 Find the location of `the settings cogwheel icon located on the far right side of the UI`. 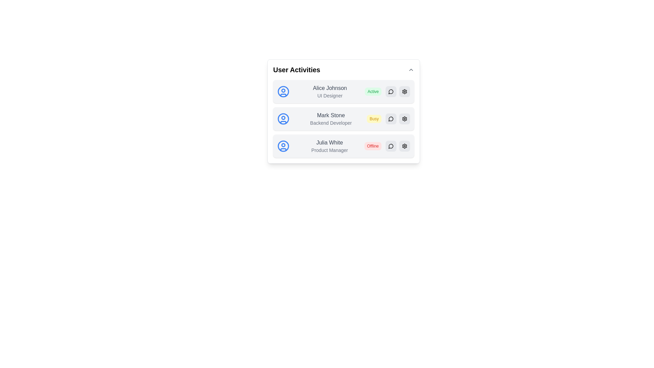

the settings cogwheel icon located on the far right side of the UI is located at coordinates (405, 118).